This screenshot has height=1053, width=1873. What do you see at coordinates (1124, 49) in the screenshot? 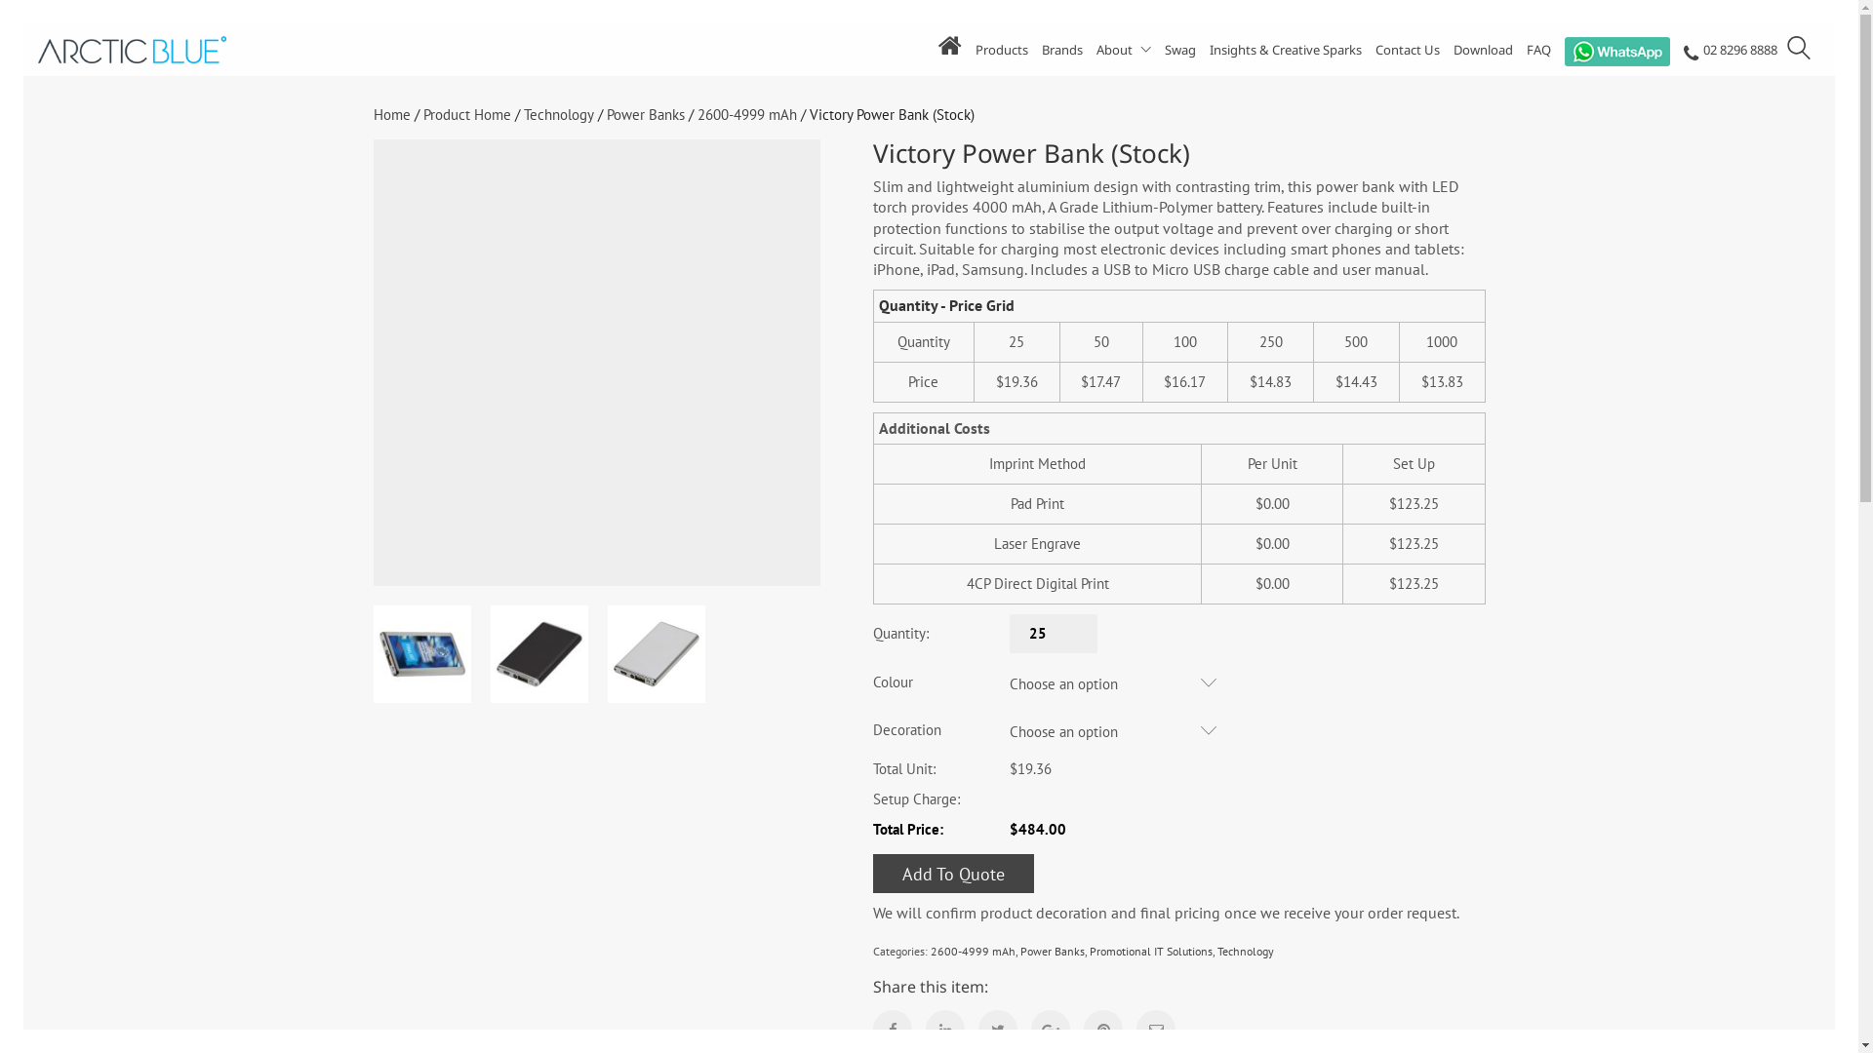
I see `'About'` at bounding box center [1124, 49].